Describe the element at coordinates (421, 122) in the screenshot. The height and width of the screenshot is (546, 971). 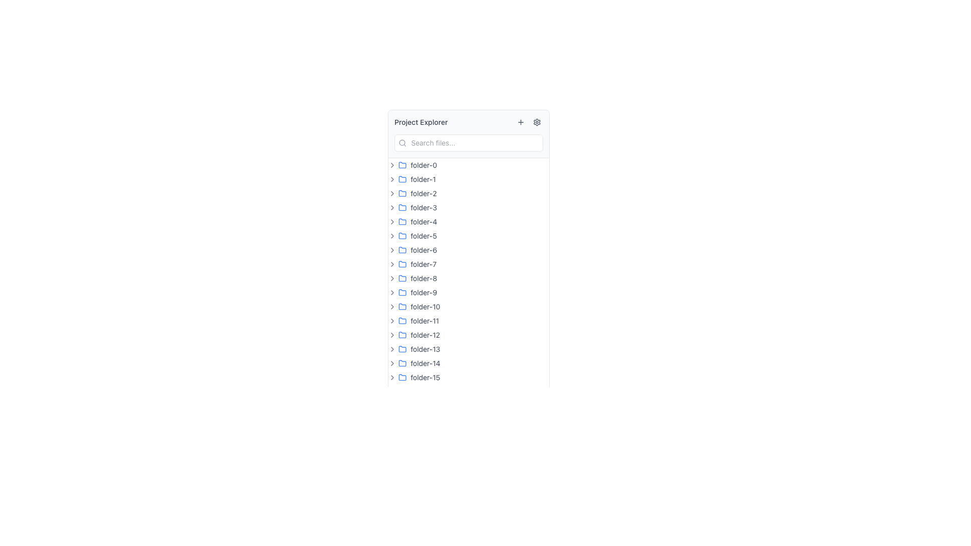
I see `the header label for the 'Project Explorer' section, located at the top of the side panel, to identify the contents of this section` at that location.